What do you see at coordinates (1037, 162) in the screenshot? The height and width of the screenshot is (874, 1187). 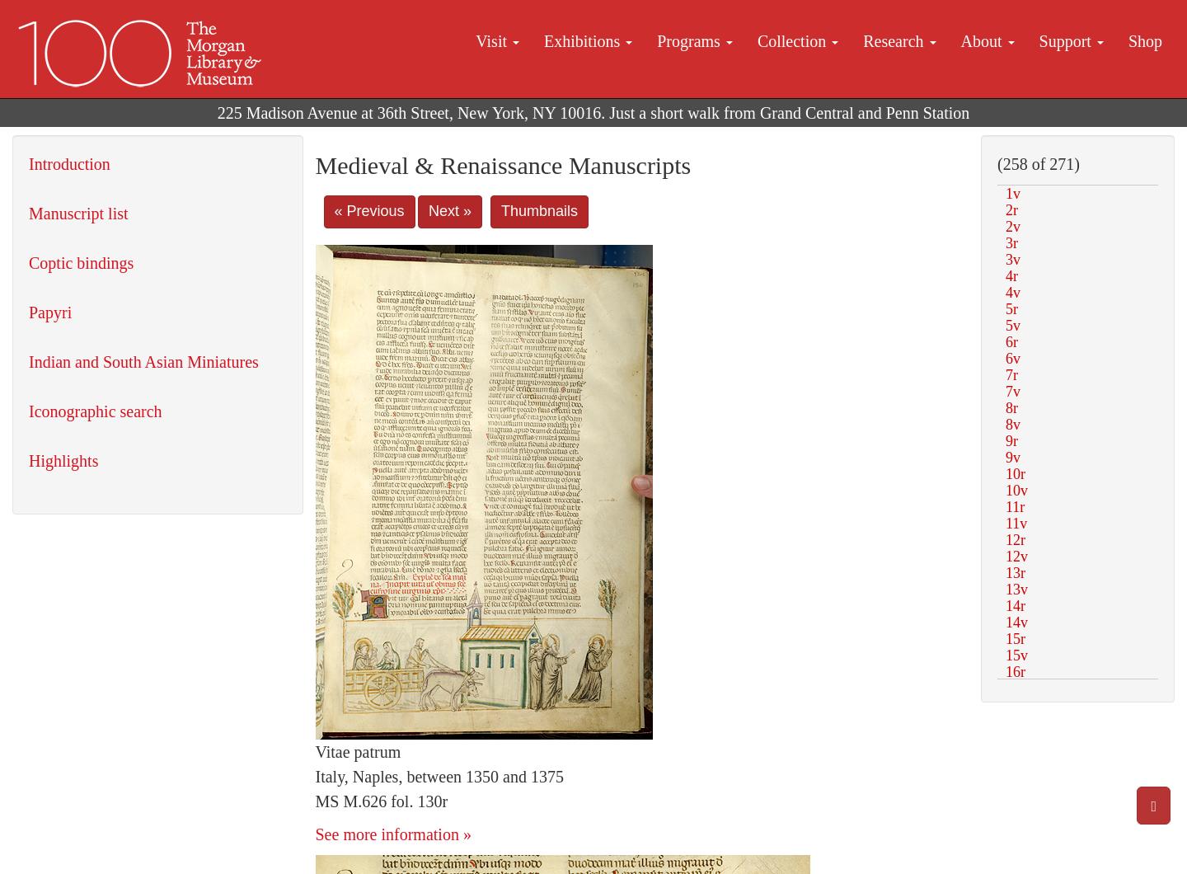 I see `'(258 of 271)'` at bounding box center [1037, 162].